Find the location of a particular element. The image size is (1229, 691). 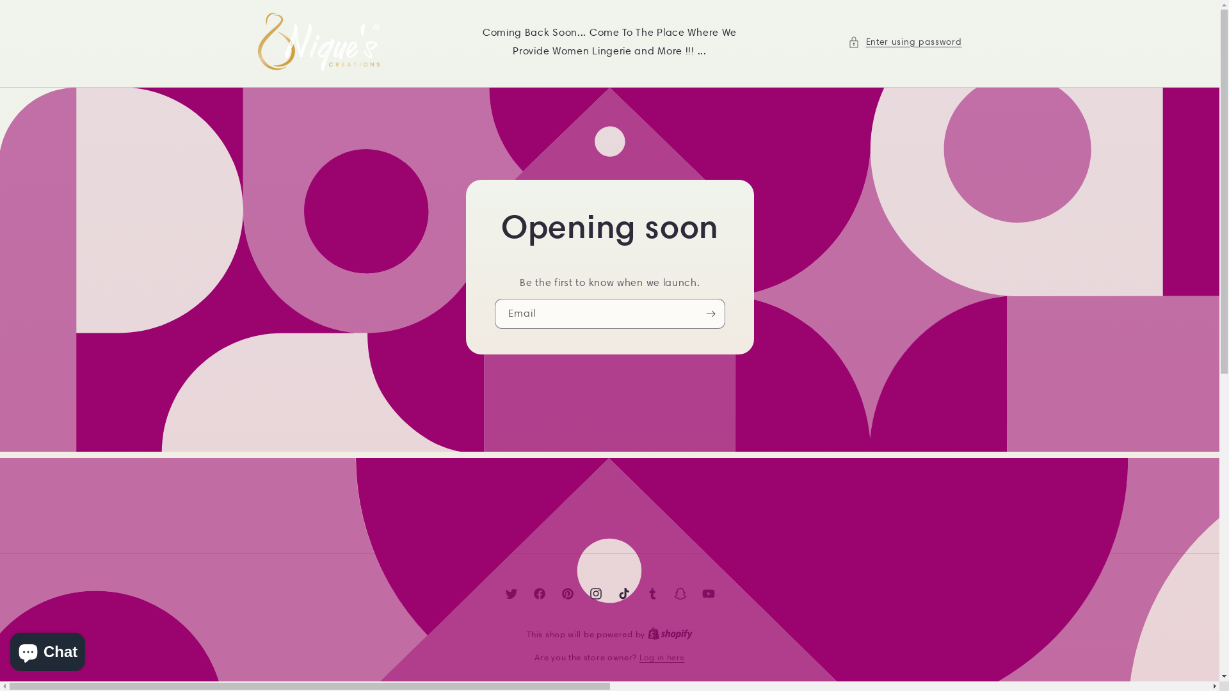

'Twitter' is located at coordinates (496, 594).